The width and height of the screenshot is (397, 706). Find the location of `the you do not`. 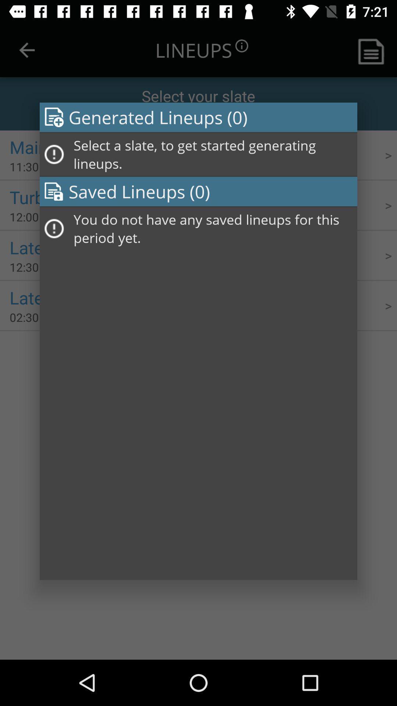

the you do not is located at coordinates (213, 228).